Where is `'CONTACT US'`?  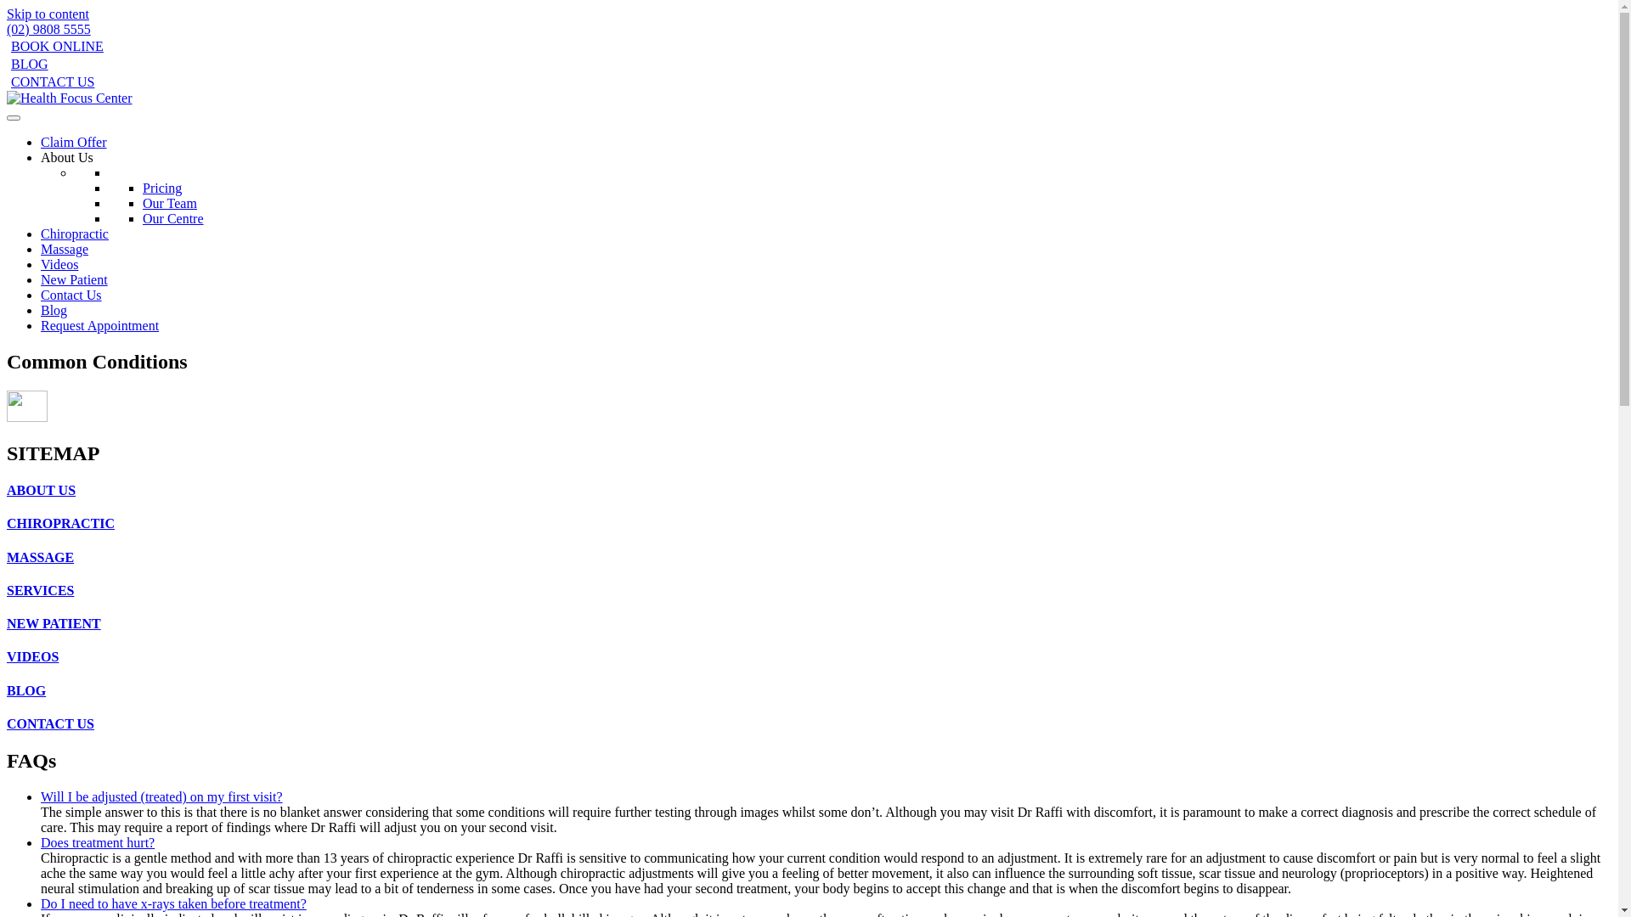
'CONTACT US' is located at coordinates (50, 82).